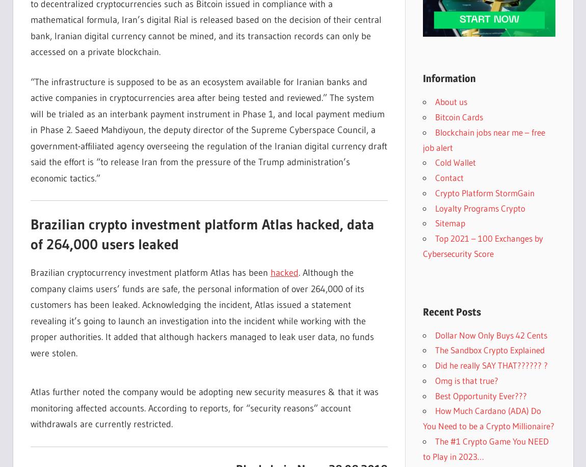 The image size is (586, 467). What do you see at coordinates (449, 222) in the screenshot?
I see `'Sitemap'` at bounding box center [449, 222].